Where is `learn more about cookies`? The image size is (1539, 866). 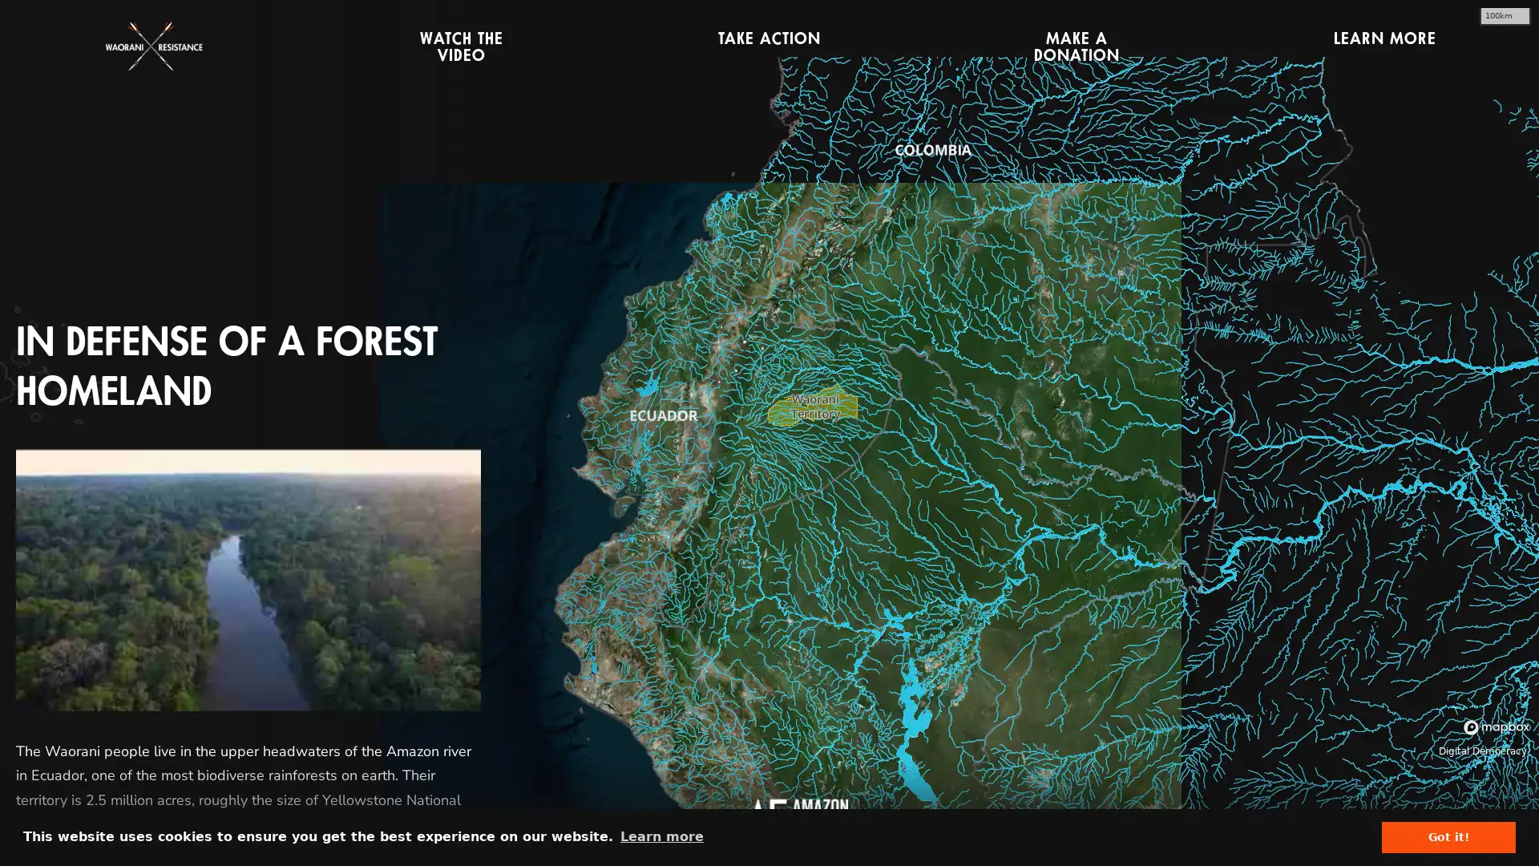 learn more about cookies is located at coordinates (661, 836).